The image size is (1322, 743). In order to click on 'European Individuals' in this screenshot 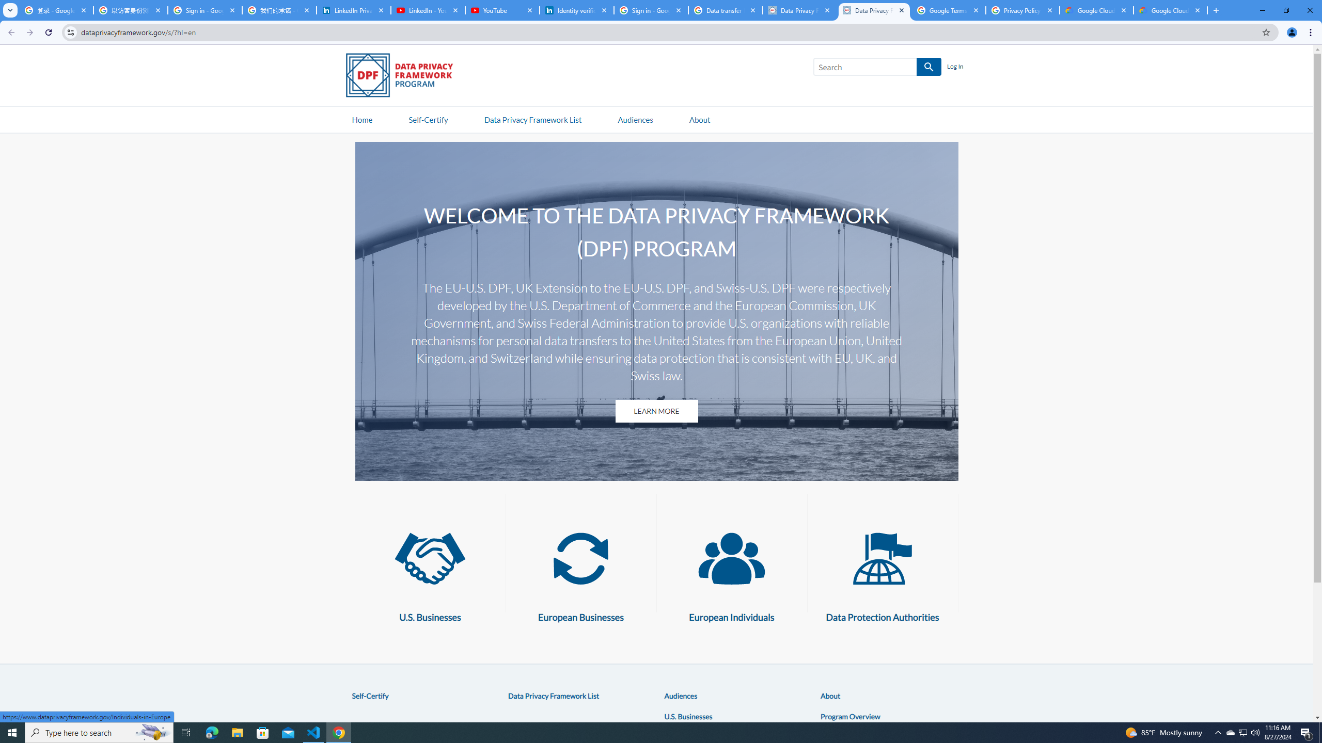, I will do `click(731, 558)`.